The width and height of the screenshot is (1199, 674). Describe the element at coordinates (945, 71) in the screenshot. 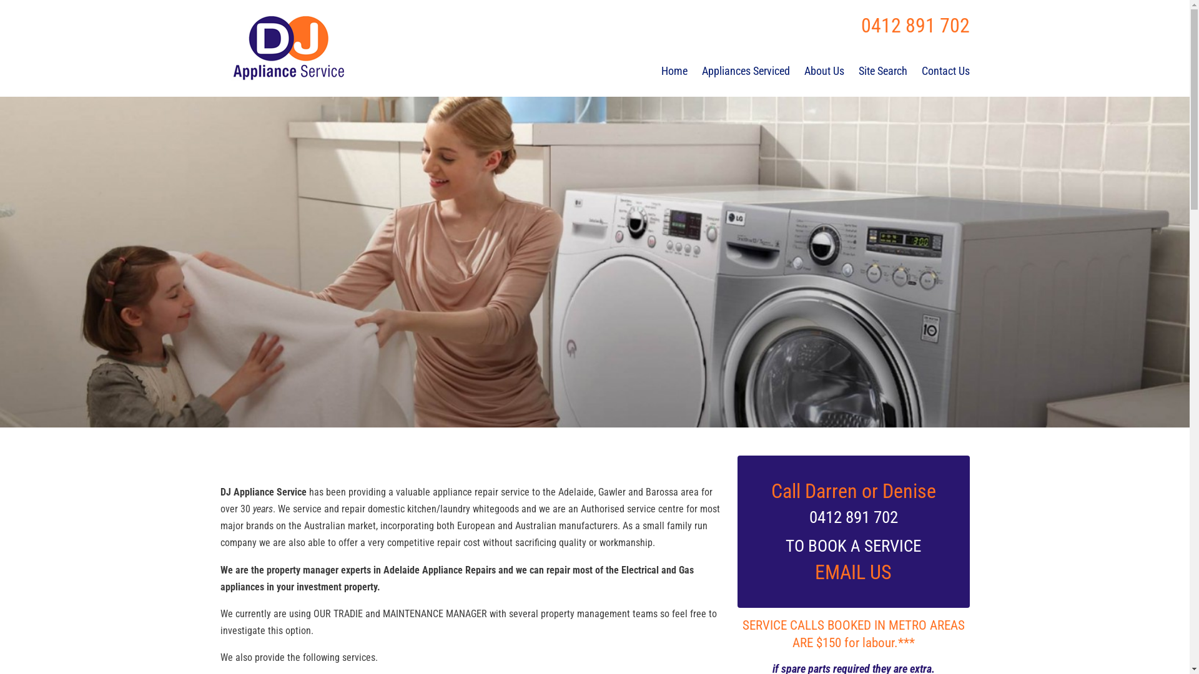

I see `'Contact Us'` at that location.